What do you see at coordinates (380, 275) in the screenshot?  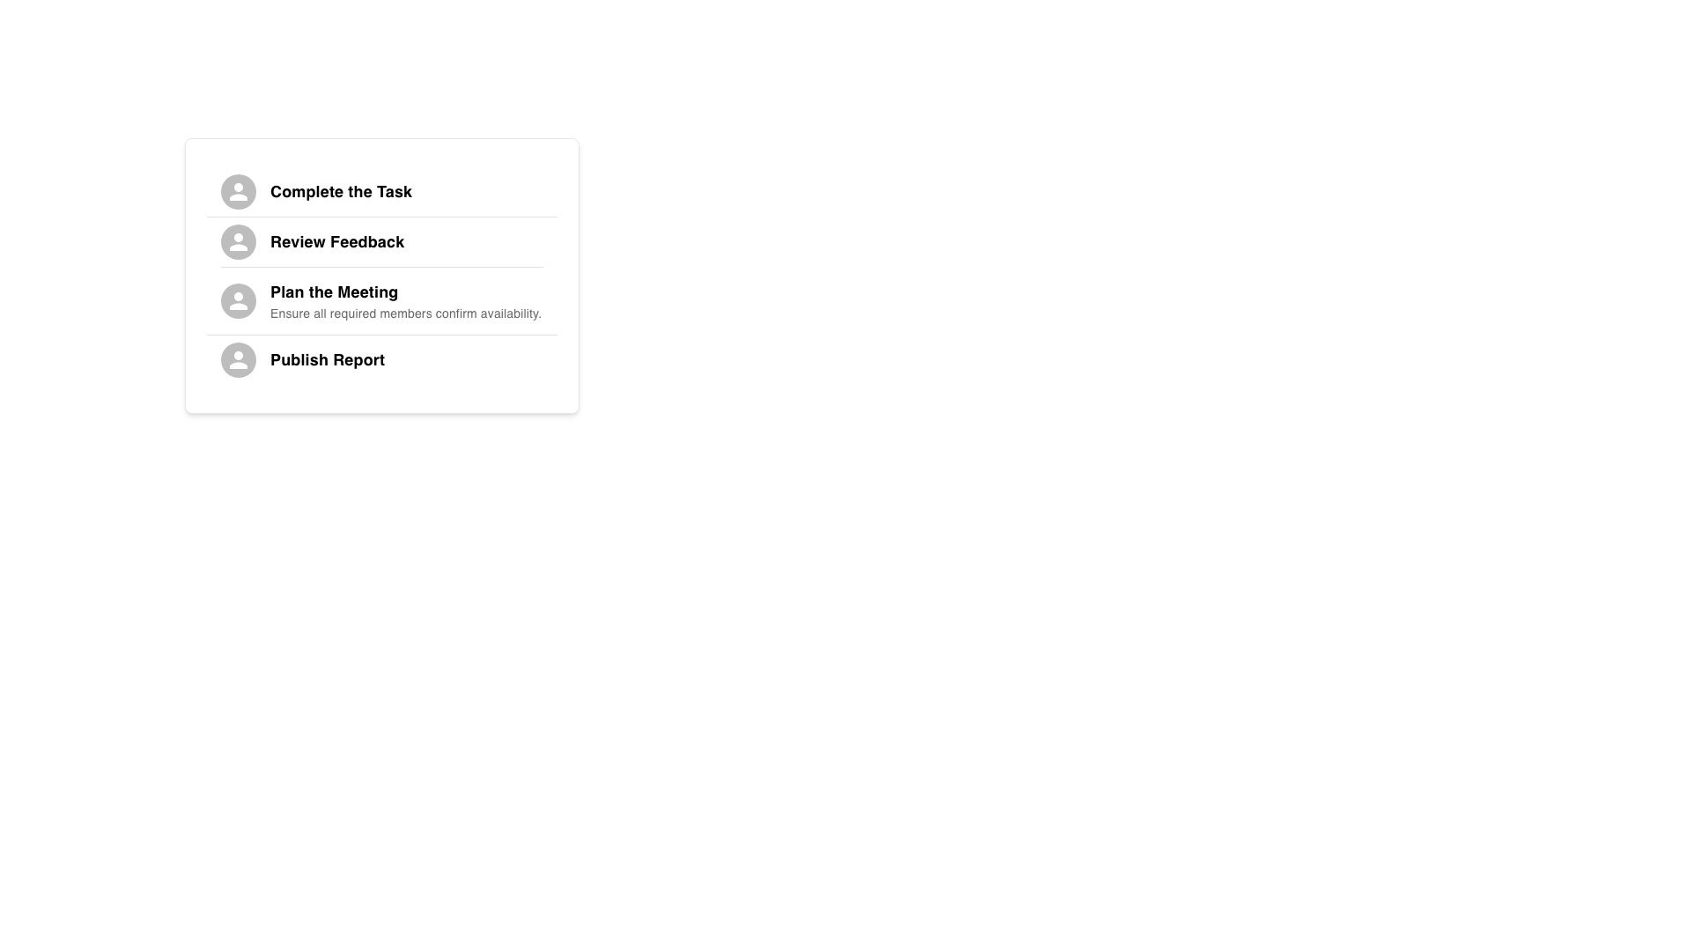 I see `the third list item labeled 'Plan the Meeting'` at bounding box center [380, 275].